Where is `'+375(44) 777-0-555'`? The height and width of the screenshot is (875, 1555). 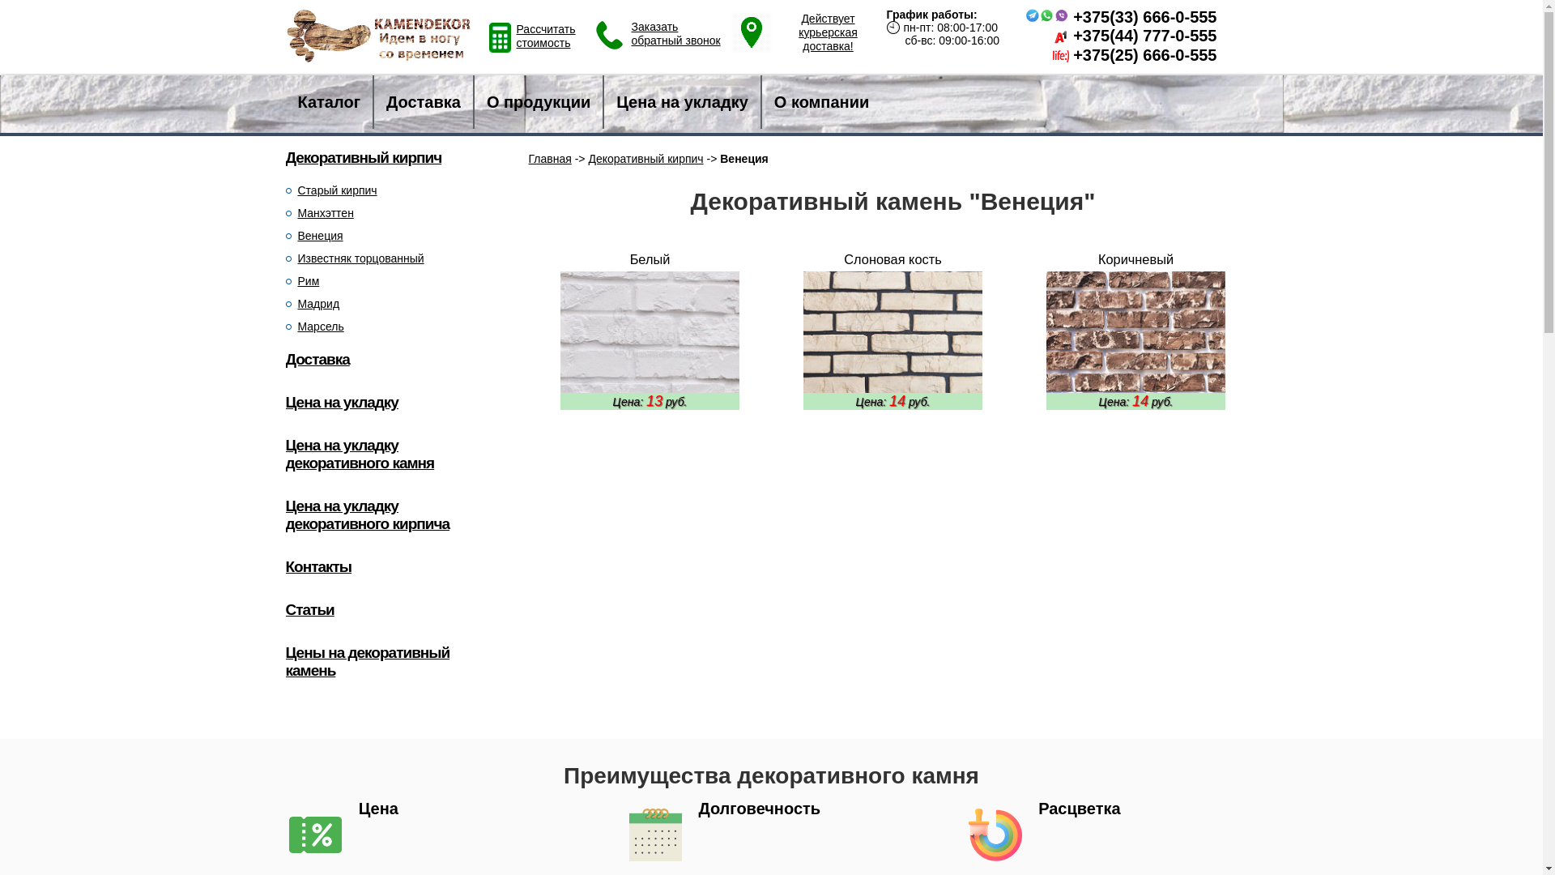
'+375(44) 777-0-555' is located at coordinates (1144, 35).